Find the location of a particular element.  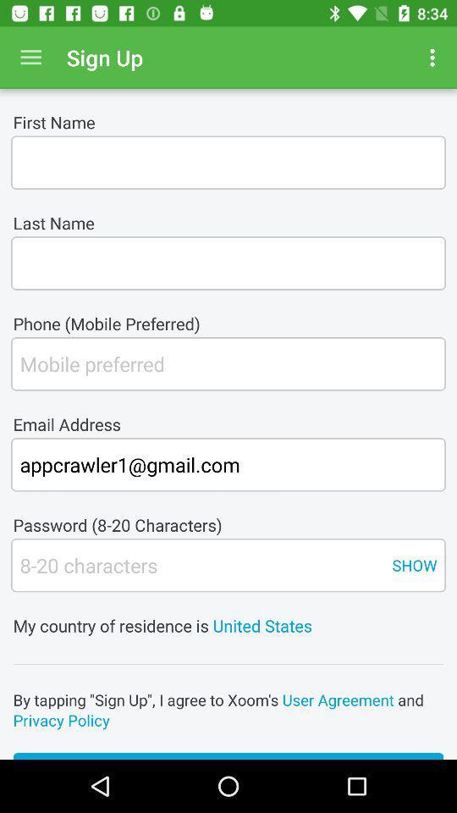

the my country of is located at coordinates (228, 613).